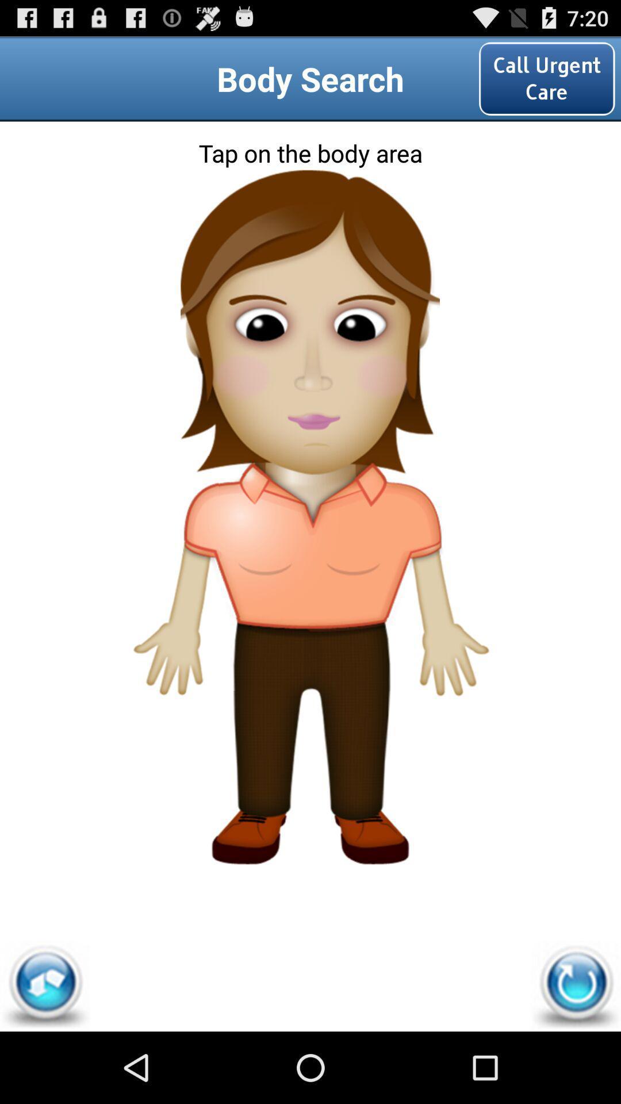 Image resolution: width=621 pixels, height=1104 pixels. What do you see at coordinates (576, 1055) in the screenshot?
I see `the refresh icon` at bounding box center [576, 1055].